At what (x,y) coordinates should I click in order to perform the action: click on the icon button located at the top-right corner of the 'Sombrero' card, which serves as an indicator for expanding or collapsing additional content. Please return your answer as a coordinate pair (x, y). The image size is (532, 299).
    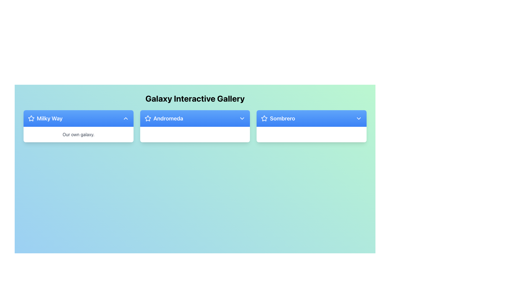
    Looking at the image, I should click on (359, 118).